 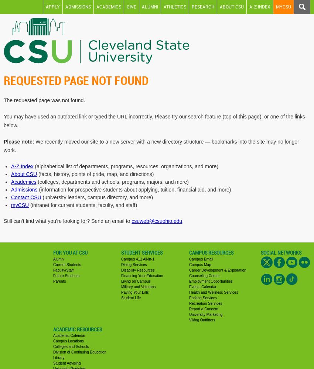 I want to click on 'Campus 411  All-in-1', so click(x=137, y=258).